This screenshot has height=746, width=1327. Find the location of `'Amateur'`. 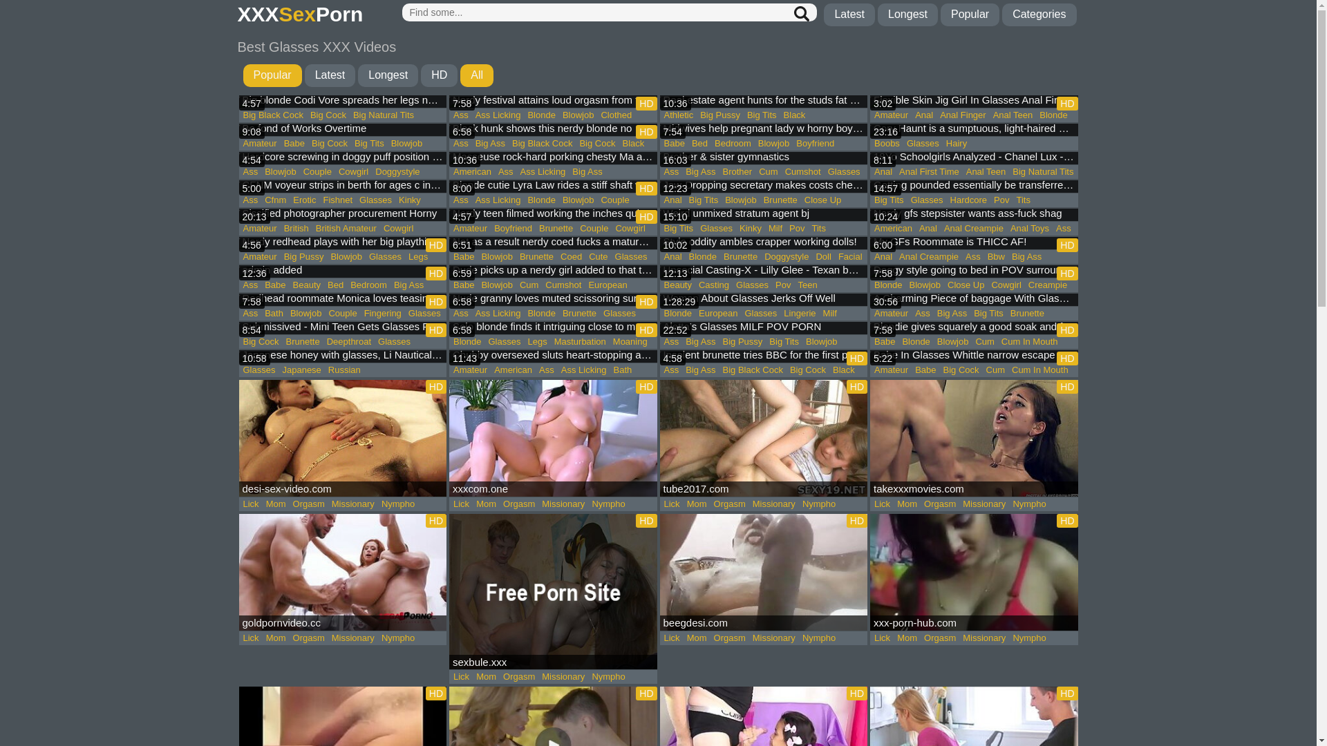

'Amateur' is located at coordinates (238, 144).